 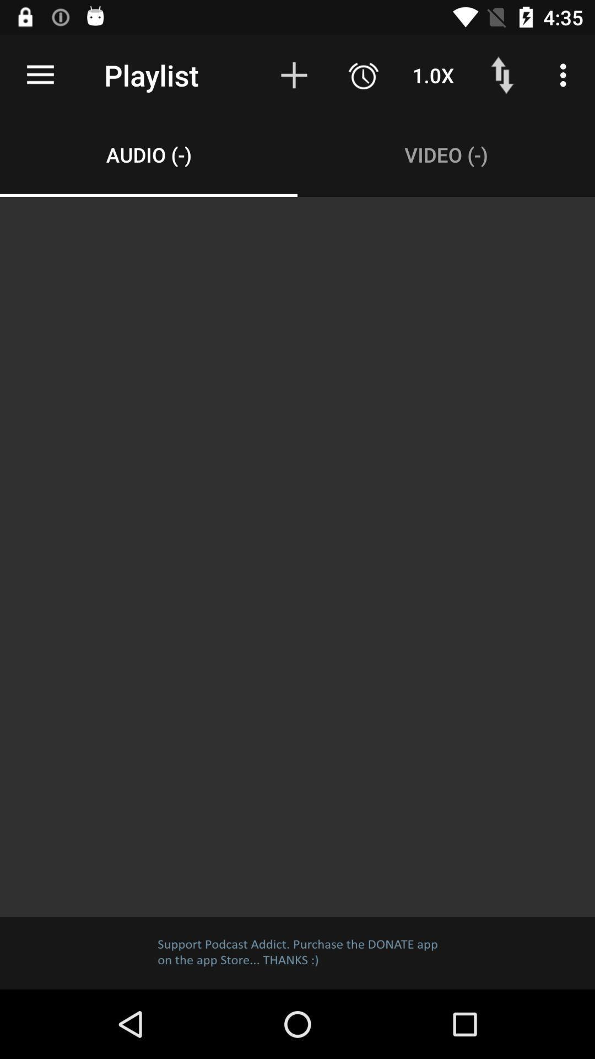 What do you see at coordinates (363, 74) in the screenshot?
I see `icon above video (-) icon` at bounding box center [363, 74].